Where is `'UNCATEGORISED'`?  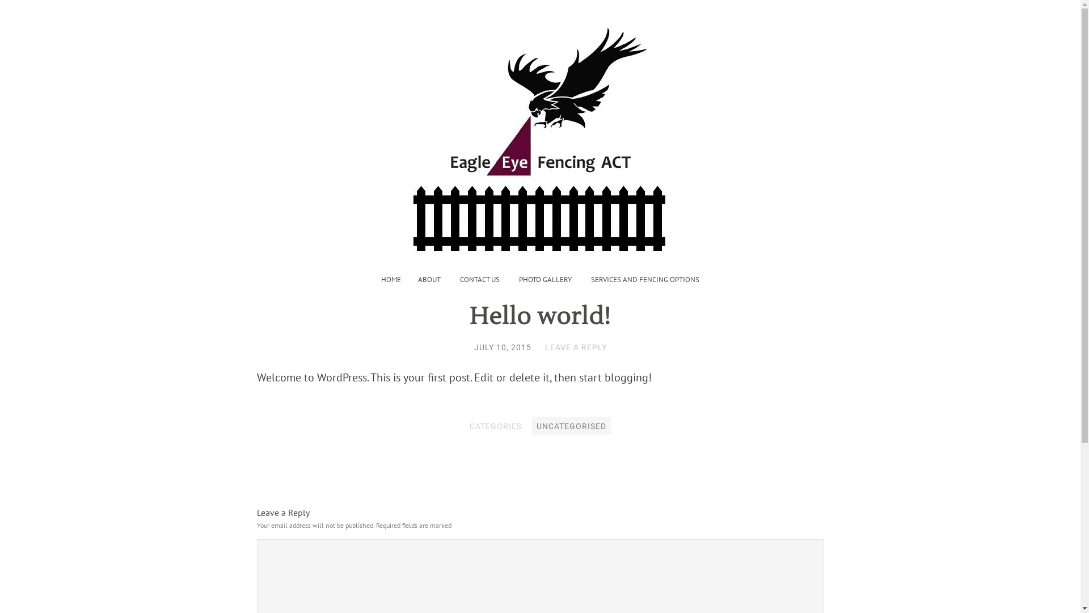
'UNCATEGORISED' is located at coordinates (571, 426).